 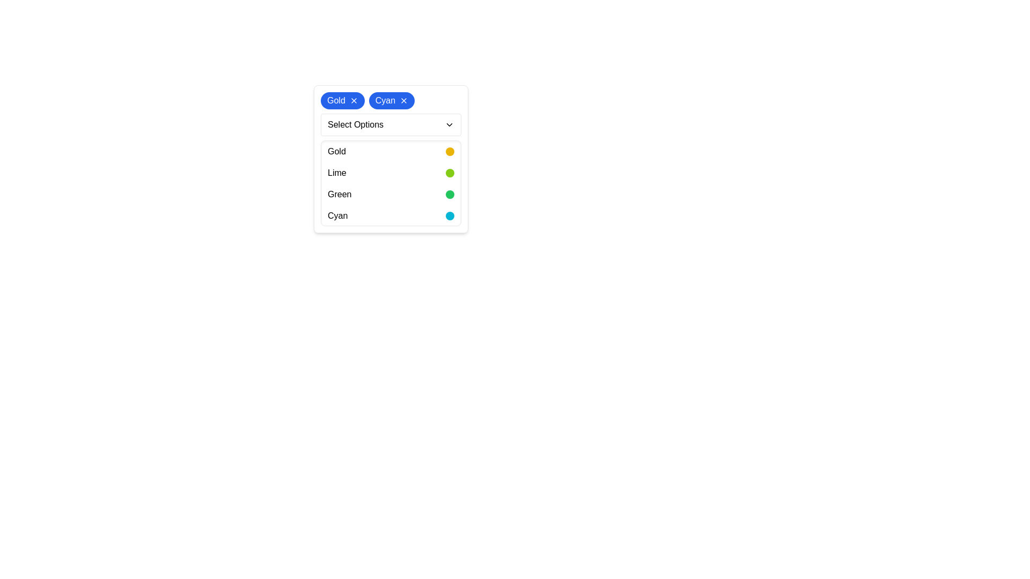 I want to click on the small circular lime green color indicator located to the right of the text 'Lime' in the dropdown menu, so click(x=450, y=173).